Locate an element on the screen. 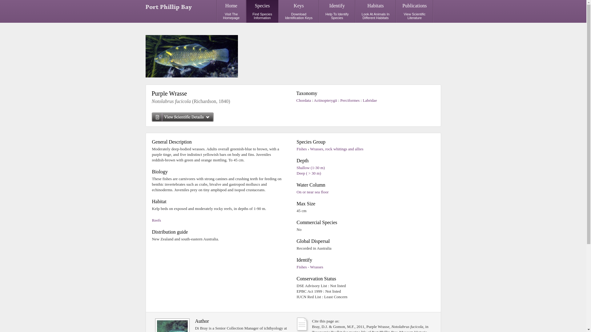  'Shallow (1-30 m)' is located at coordinates (311, 168).